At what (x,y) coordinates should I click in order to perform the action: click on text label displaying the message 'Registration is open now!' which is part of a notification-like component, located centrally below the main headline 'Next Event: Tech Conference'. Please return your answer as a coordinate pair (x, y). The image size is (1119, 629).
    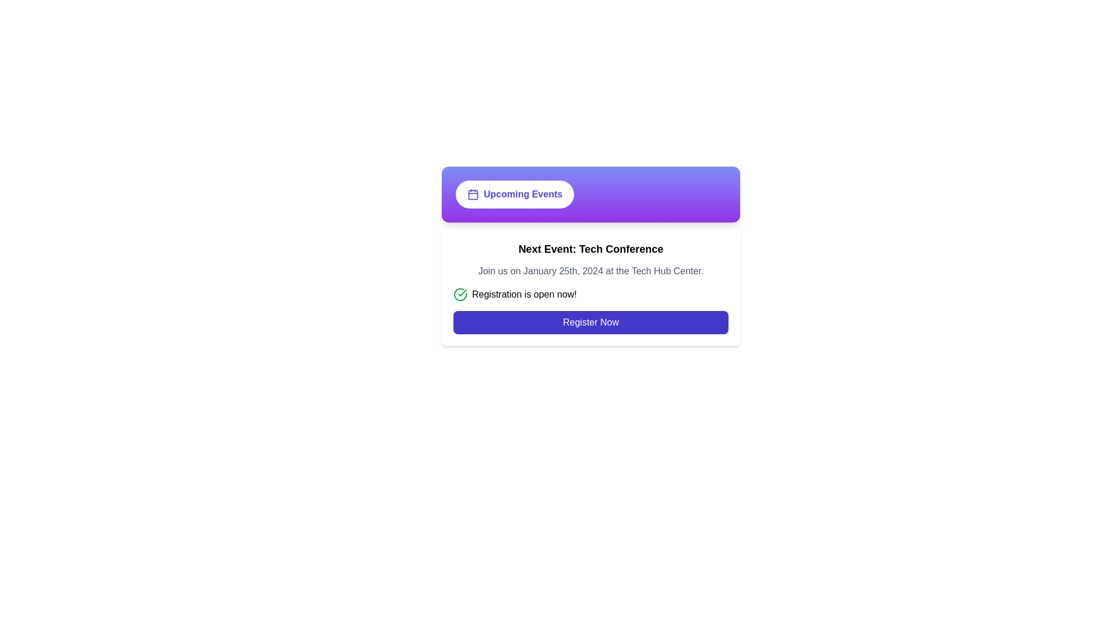
    Looking at the image, I should click on (523, 294).